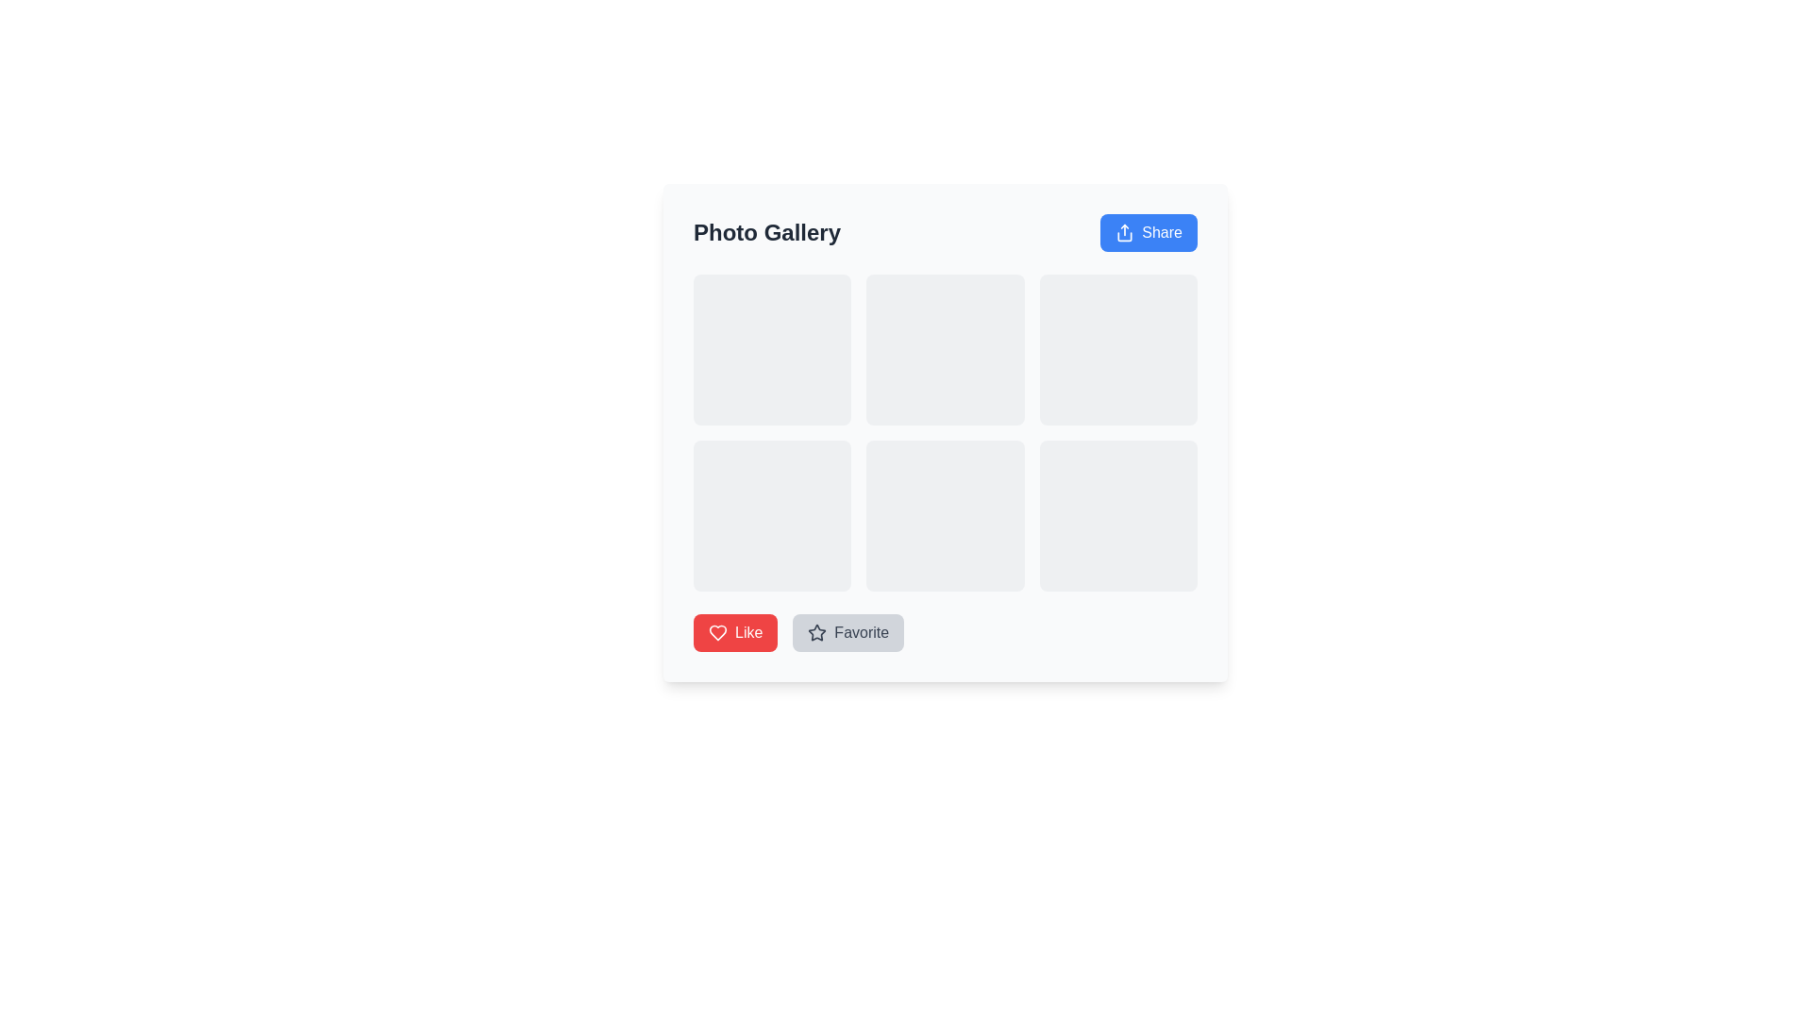  Describe the element at coordinates (847, 633) in the screenshot. I see `the favorite button located at the bottom-center area of the interface, which is the second button in a horizontal grouping of two elements, to trigger the hover effect` at that location.